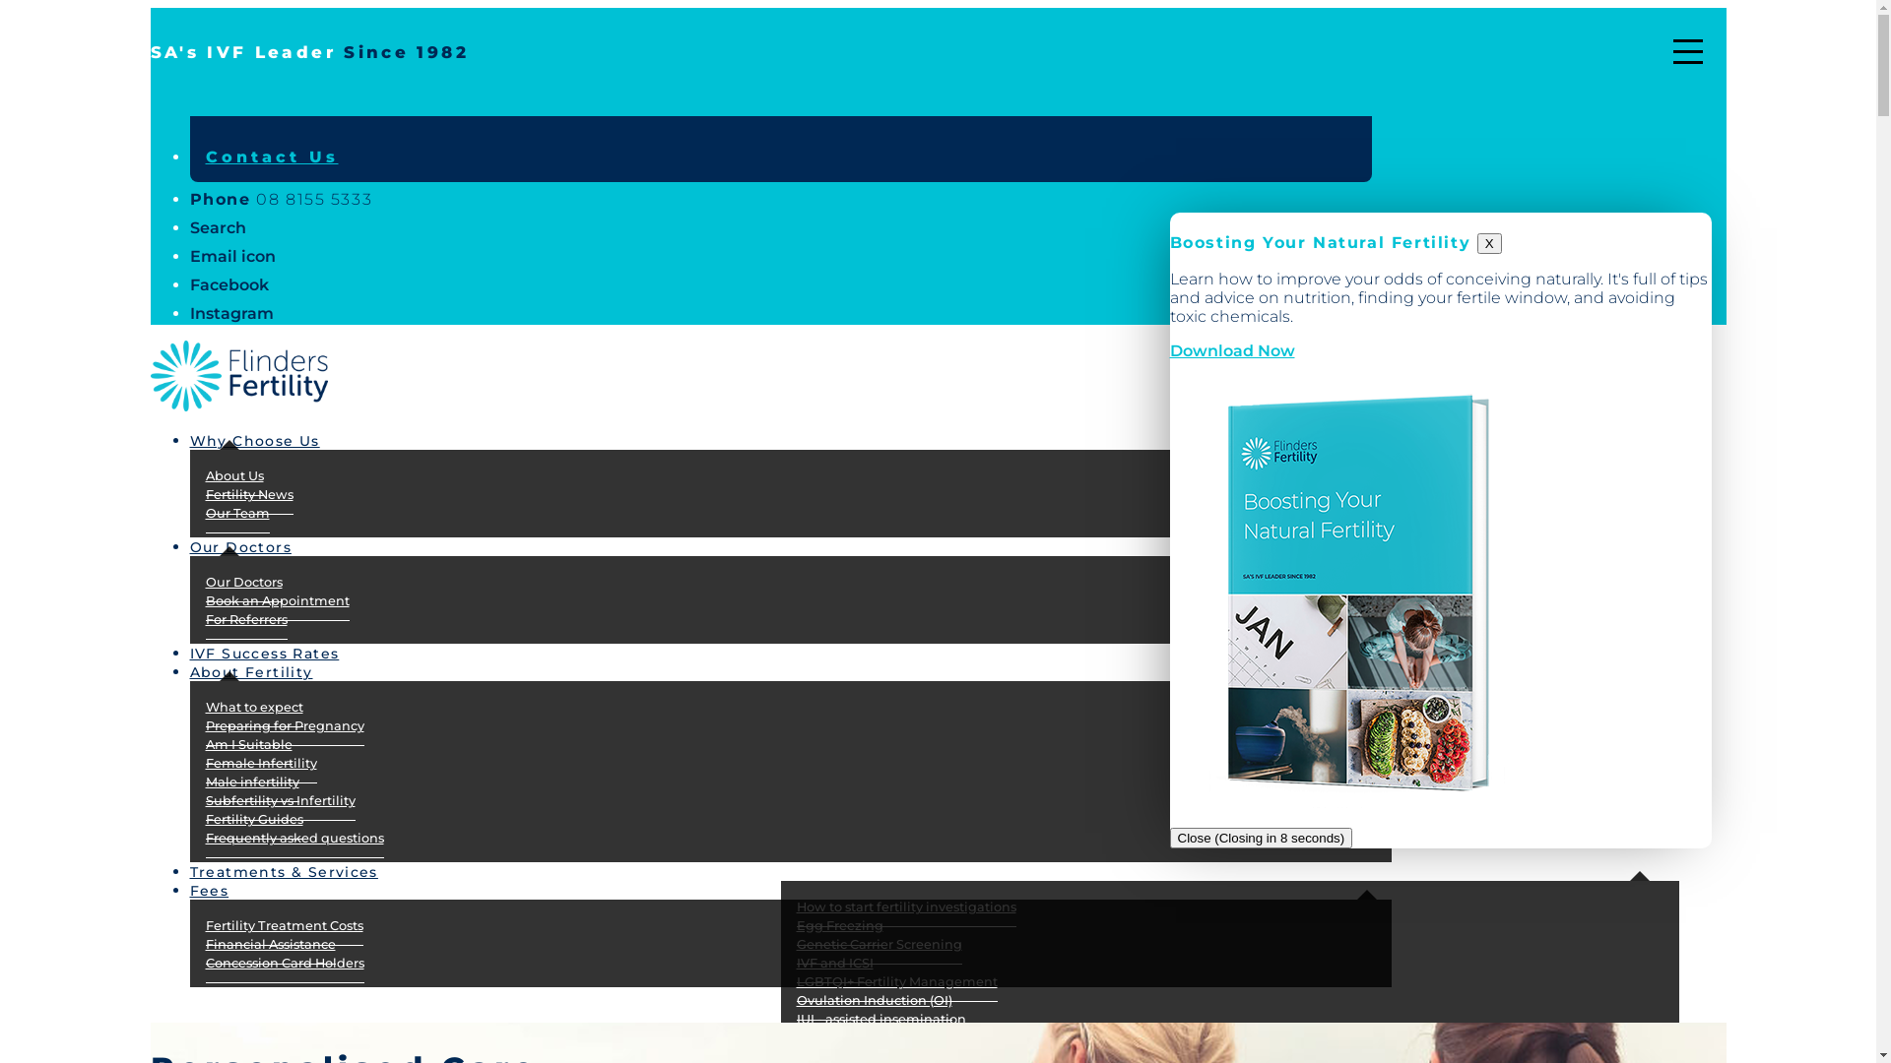  I want to click on 'Subfertility vs Infertility', so click(204, 800).